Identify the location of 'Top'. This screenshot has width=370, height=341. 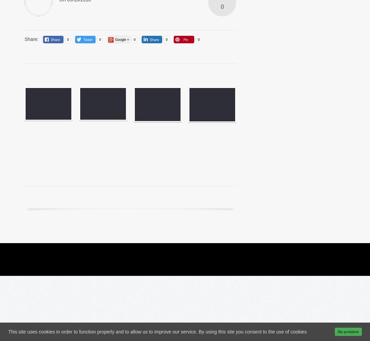
(333, 251).